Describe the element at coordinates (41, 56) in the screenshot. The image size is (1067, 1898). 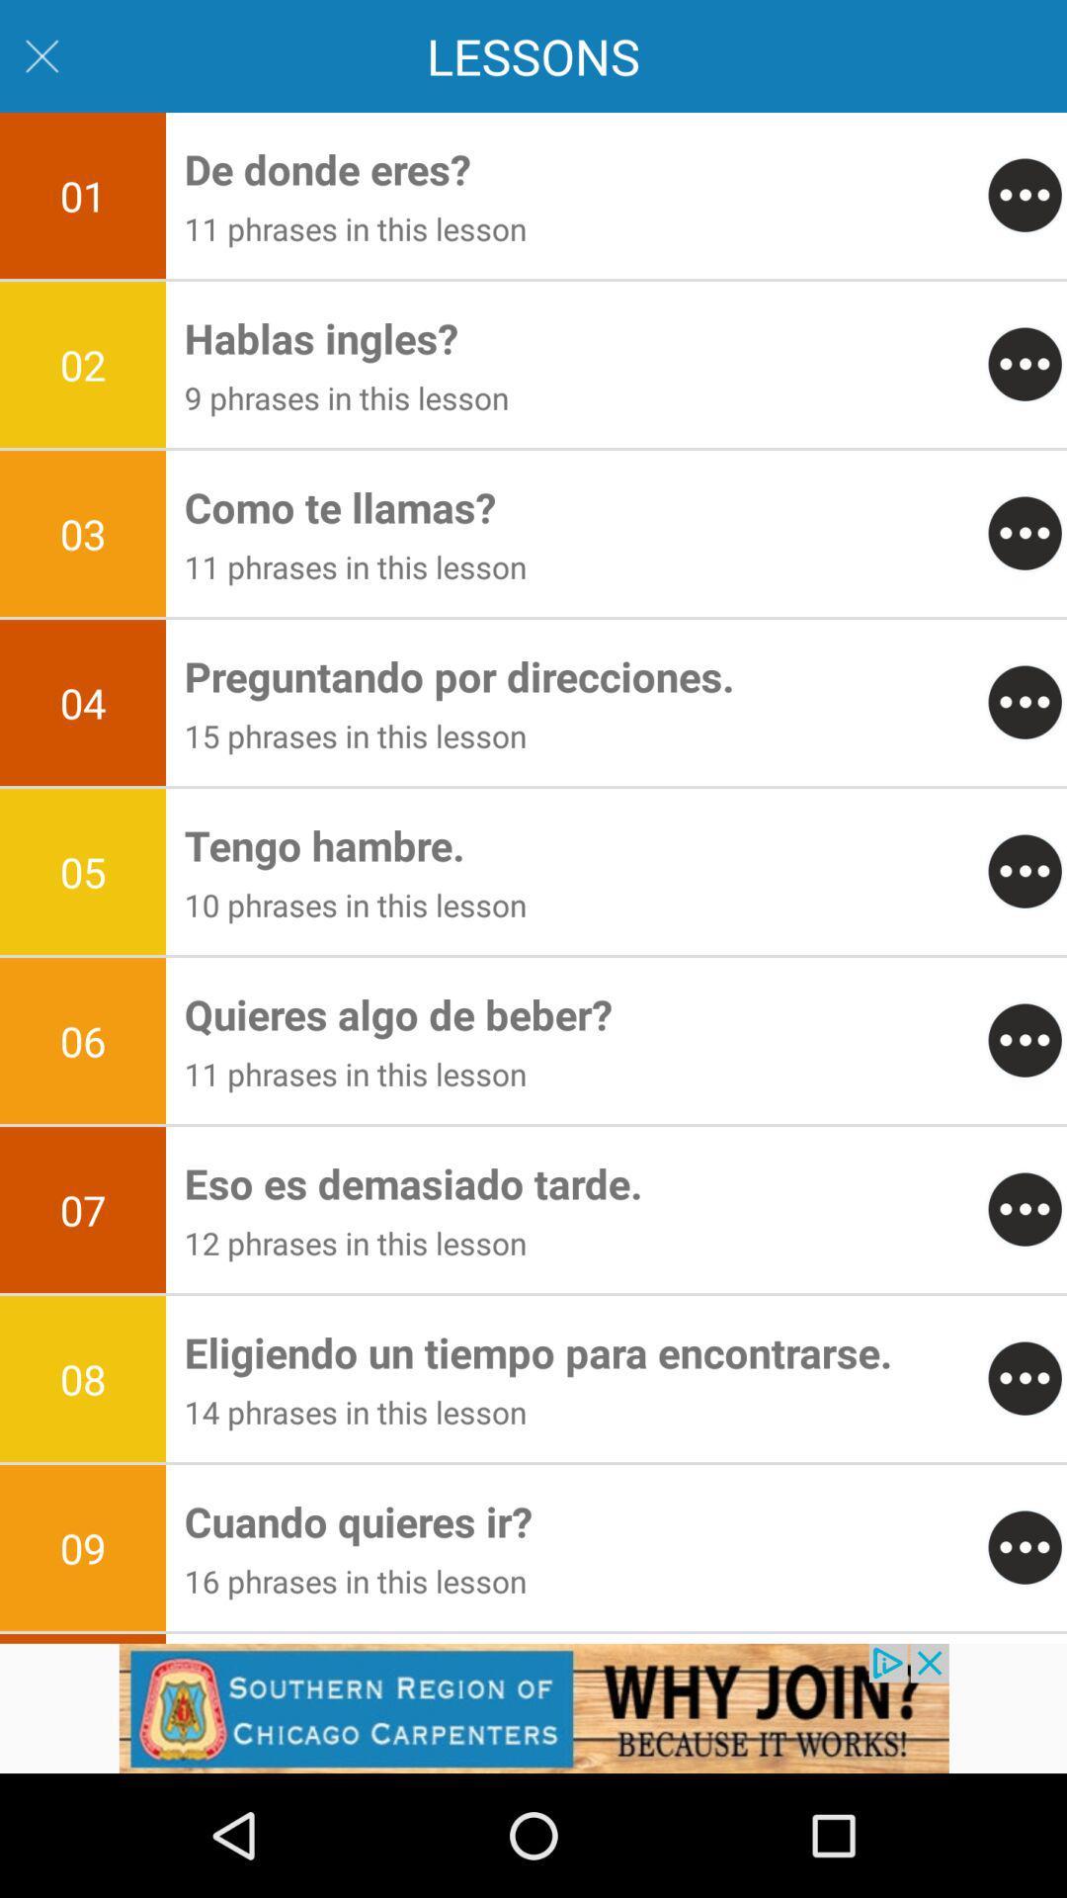
I see `this screen` at that location.